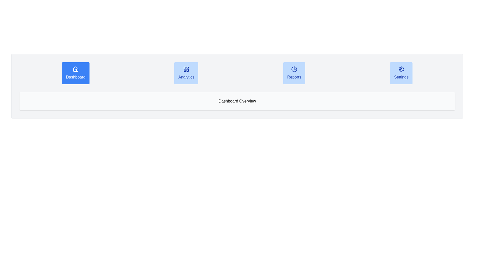 Image resolution: width=480 pixels, height=270 pixels. I want to click on the 'Reports' button in the navigation bar to interact with the 'Reports' feature, so click(294, 69).